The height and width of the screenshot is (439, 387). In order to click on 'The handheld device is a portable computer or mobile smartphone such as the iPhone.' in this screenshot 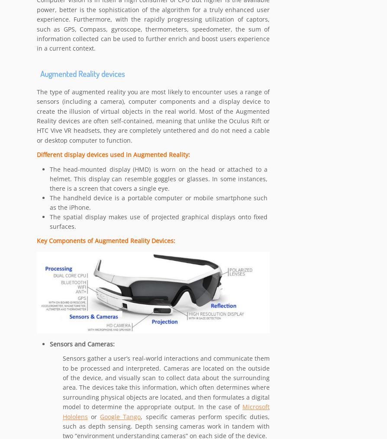, I will do `click(158, 202)`.